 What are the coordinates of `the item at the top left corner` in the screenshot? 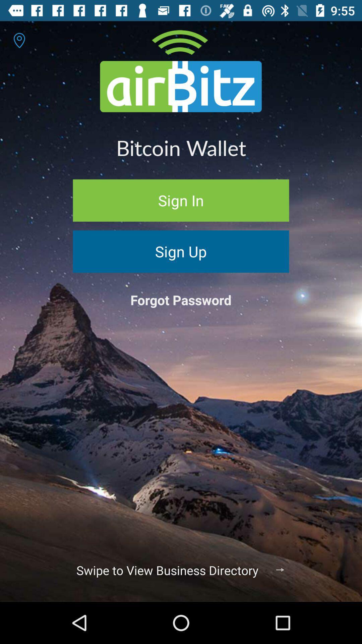 It's located at (19, 40).